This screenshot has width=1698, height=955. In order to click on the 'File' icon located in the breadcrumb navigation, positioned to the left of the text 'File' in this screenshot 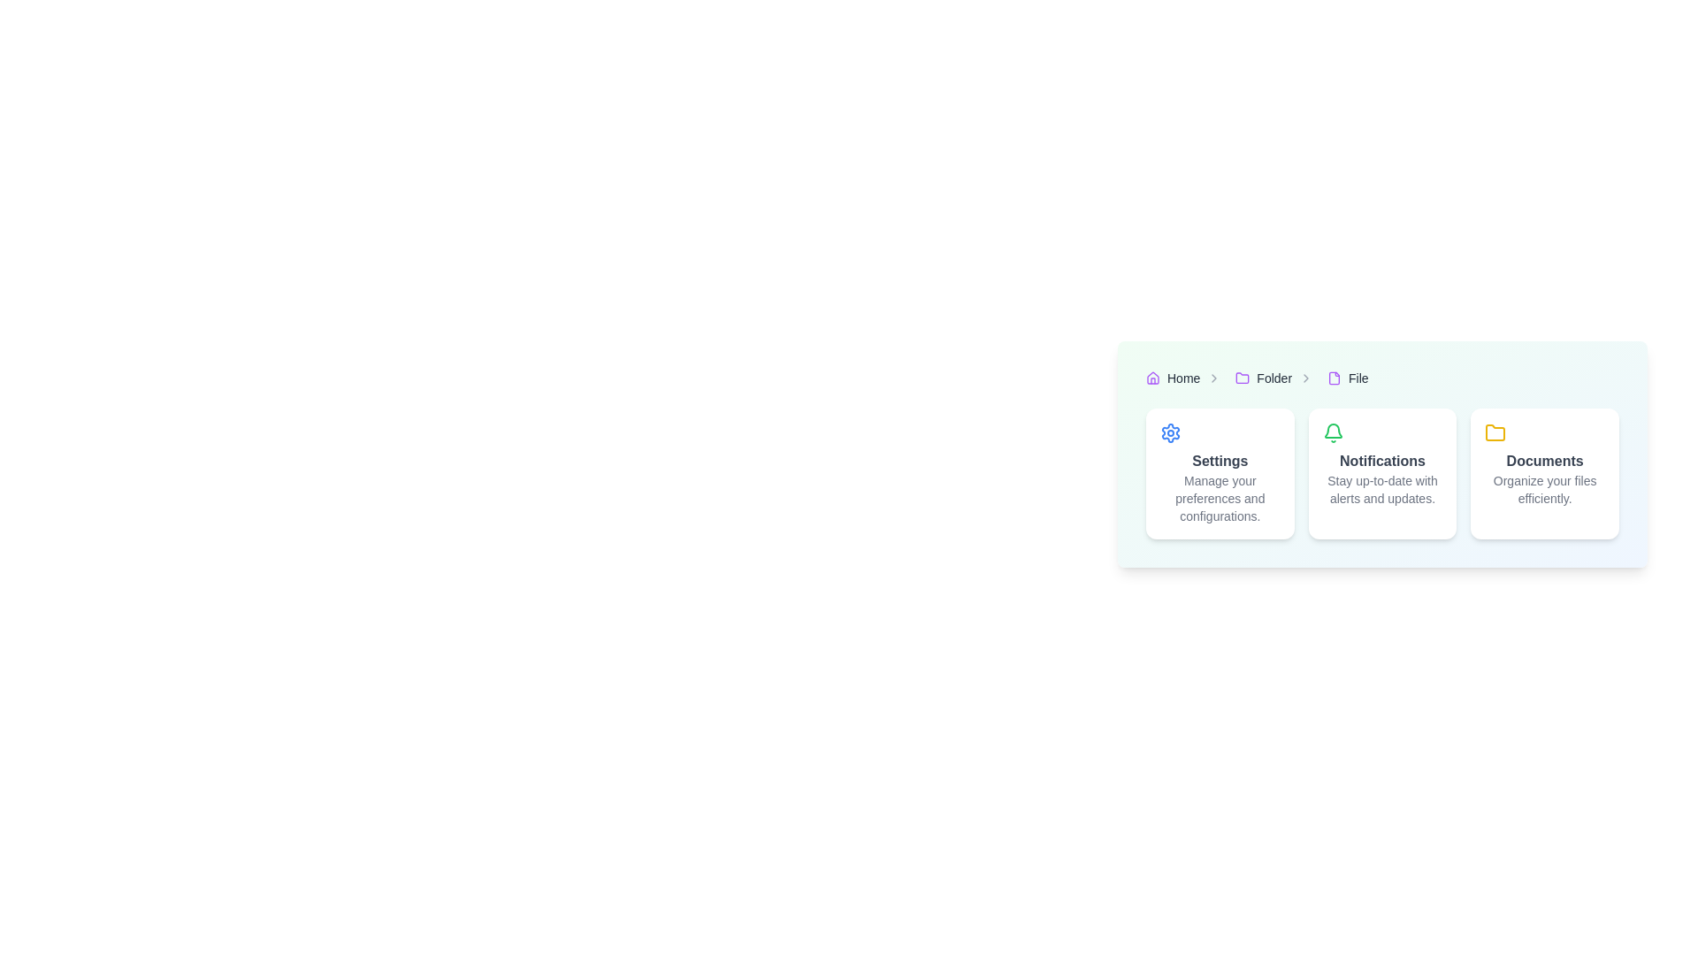, I will do `click(1335, 378)`.